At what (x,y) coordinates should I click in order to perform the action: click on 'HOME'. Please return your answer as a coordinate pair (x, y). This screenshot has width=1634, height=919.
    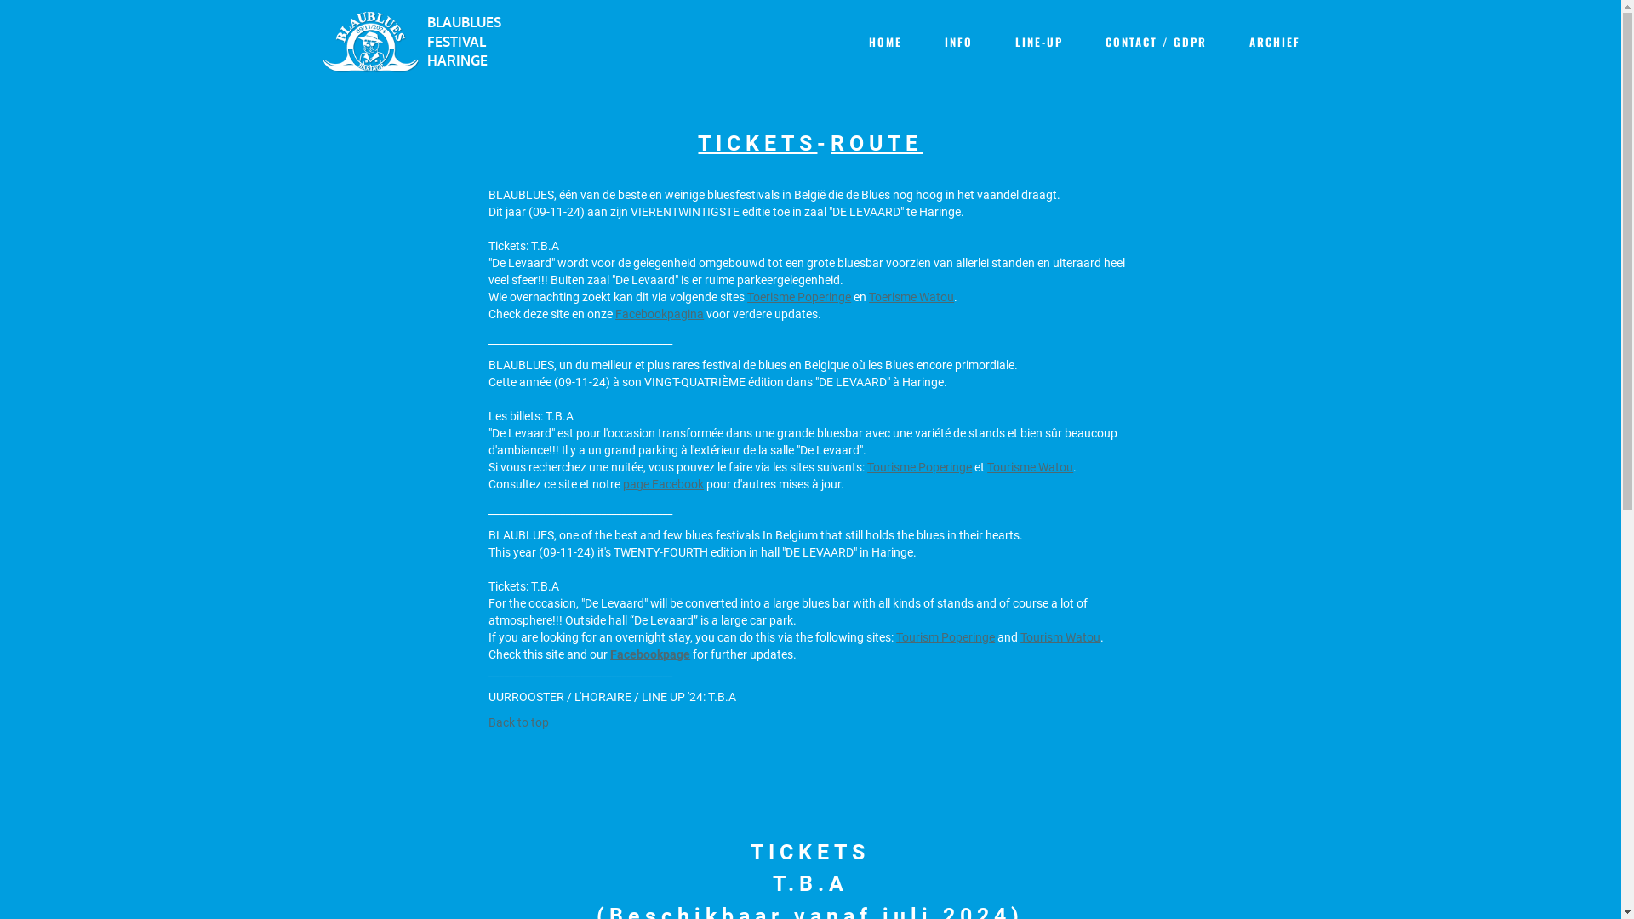
    Looking at the image, I should click on (884, 41).